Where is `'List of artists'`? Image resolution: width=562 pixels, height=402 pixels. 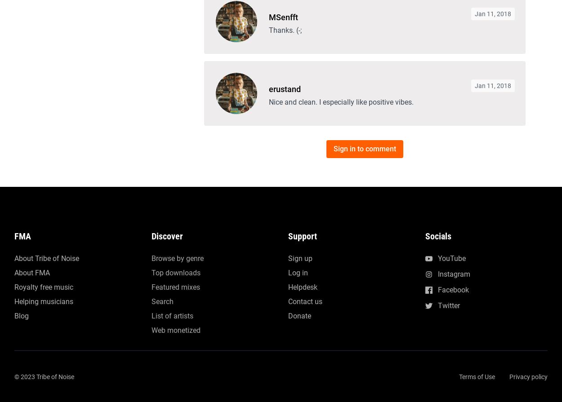 'List of artists' is located at coordinates (172, 30).